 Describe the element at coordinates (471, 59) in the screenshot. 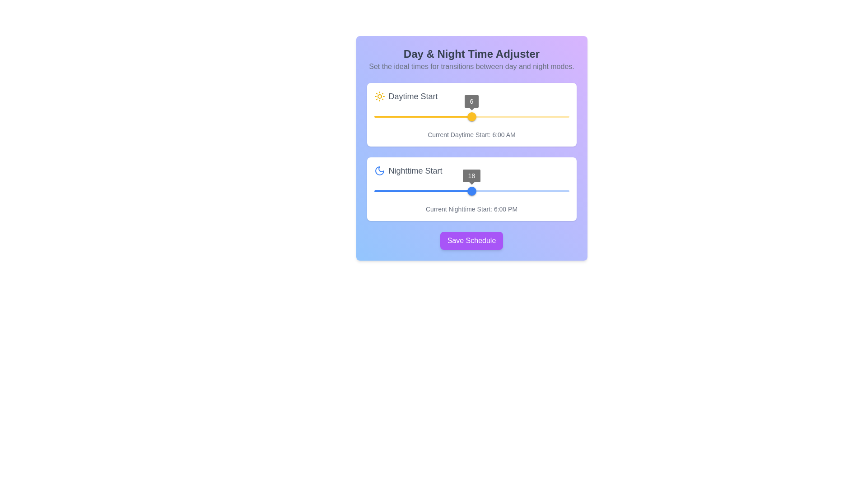

I see `'Day & Night Time Adjuster' text header and its subtitle to understand the section's purpose` at that location.